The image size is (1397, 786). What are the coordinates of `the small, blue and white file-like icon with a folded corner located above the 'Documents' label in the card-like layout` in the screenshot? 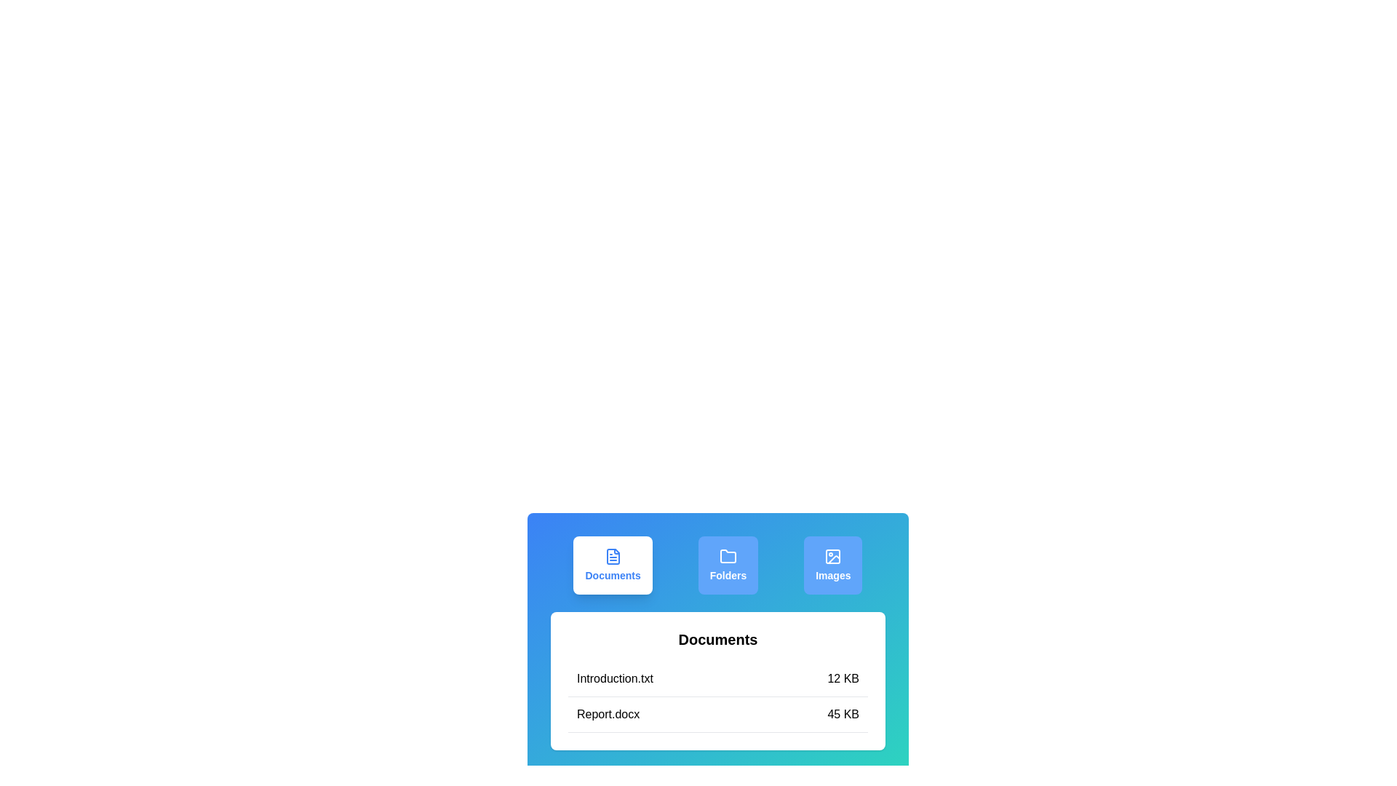 It's located at (613, 556).